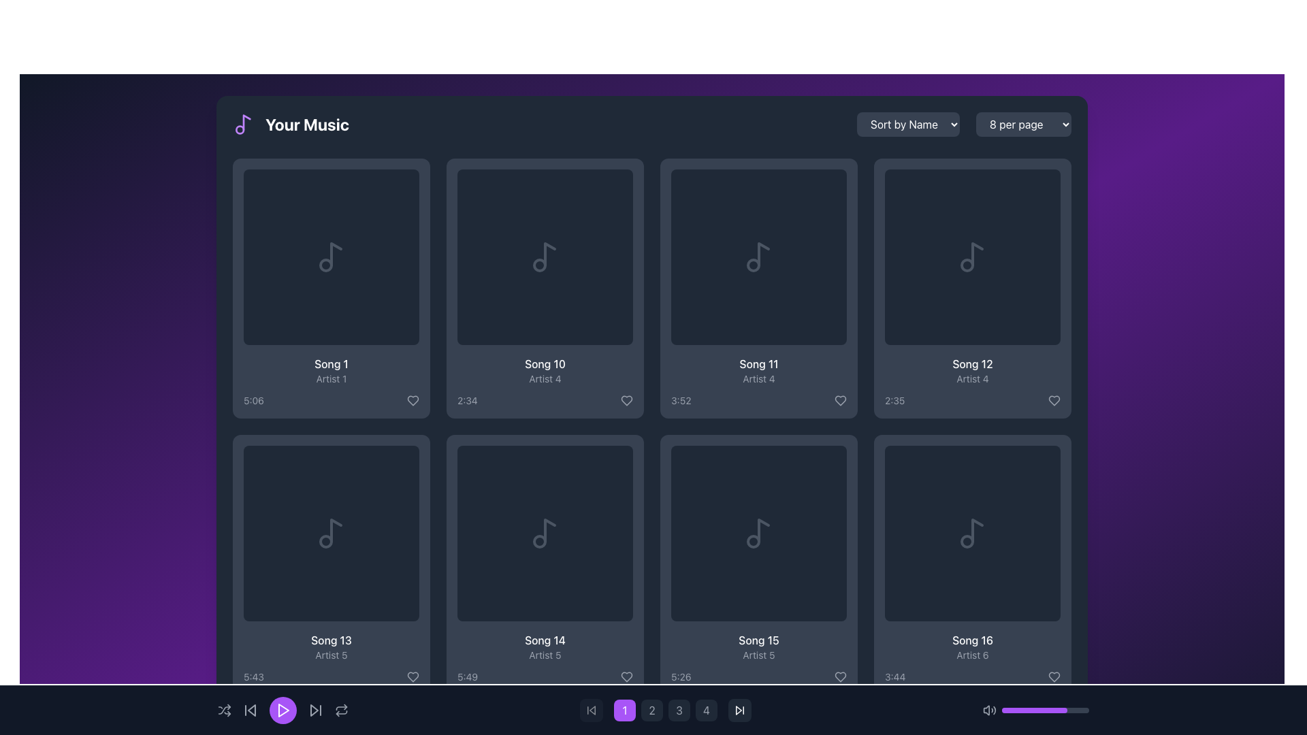  I want to click on the music icon representing 'Song 15' by 'Artist 5', located in the second row and third column of the grid layout, so click(758, 532).